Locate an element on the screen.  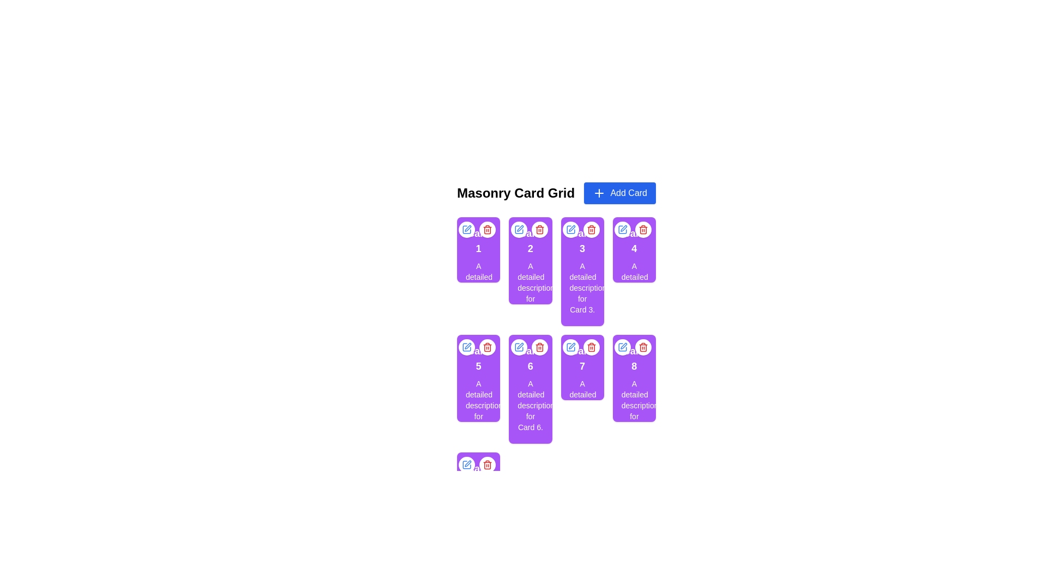
the delete icon (trash bin symbol in red) located at the top-right corner of the first card labeled 'Card 1' in a grid layout of purple cards is located at coordinates (477, 229).